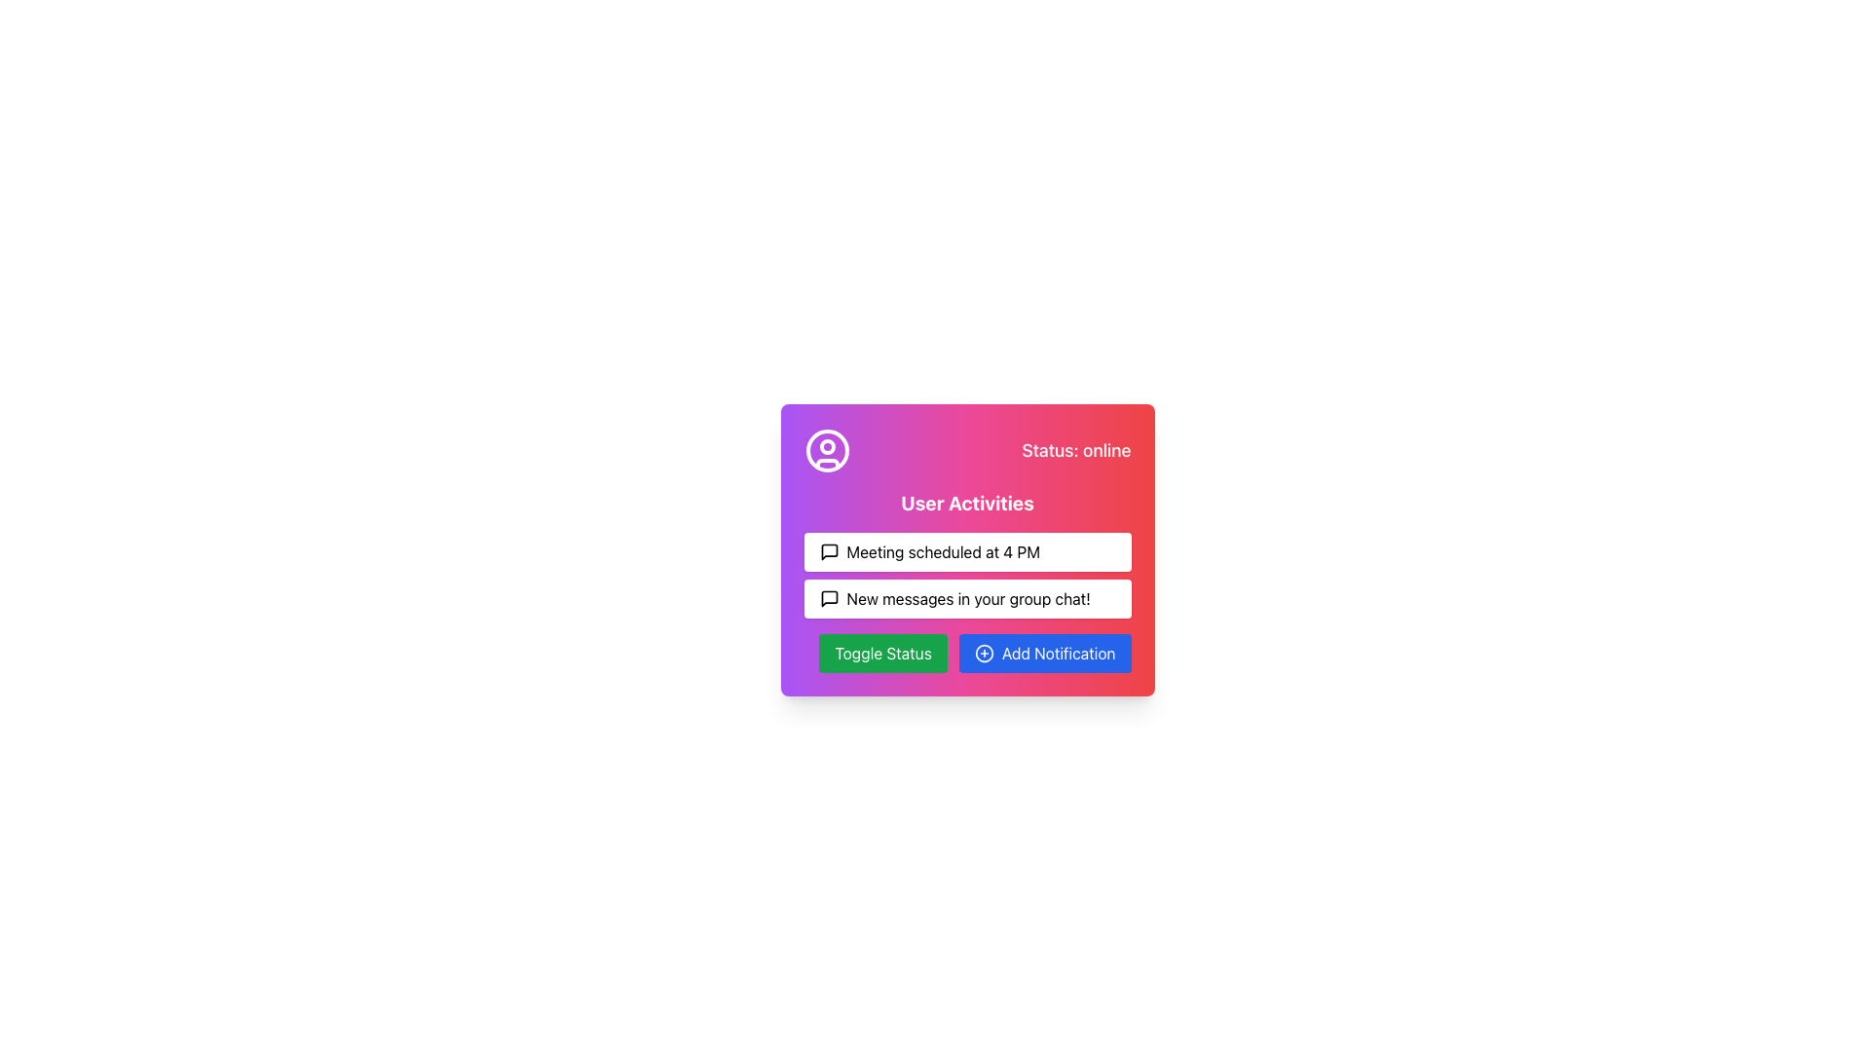  I want to click on the green rectangular button labeled 'Toggle Status', so click(882, 654).